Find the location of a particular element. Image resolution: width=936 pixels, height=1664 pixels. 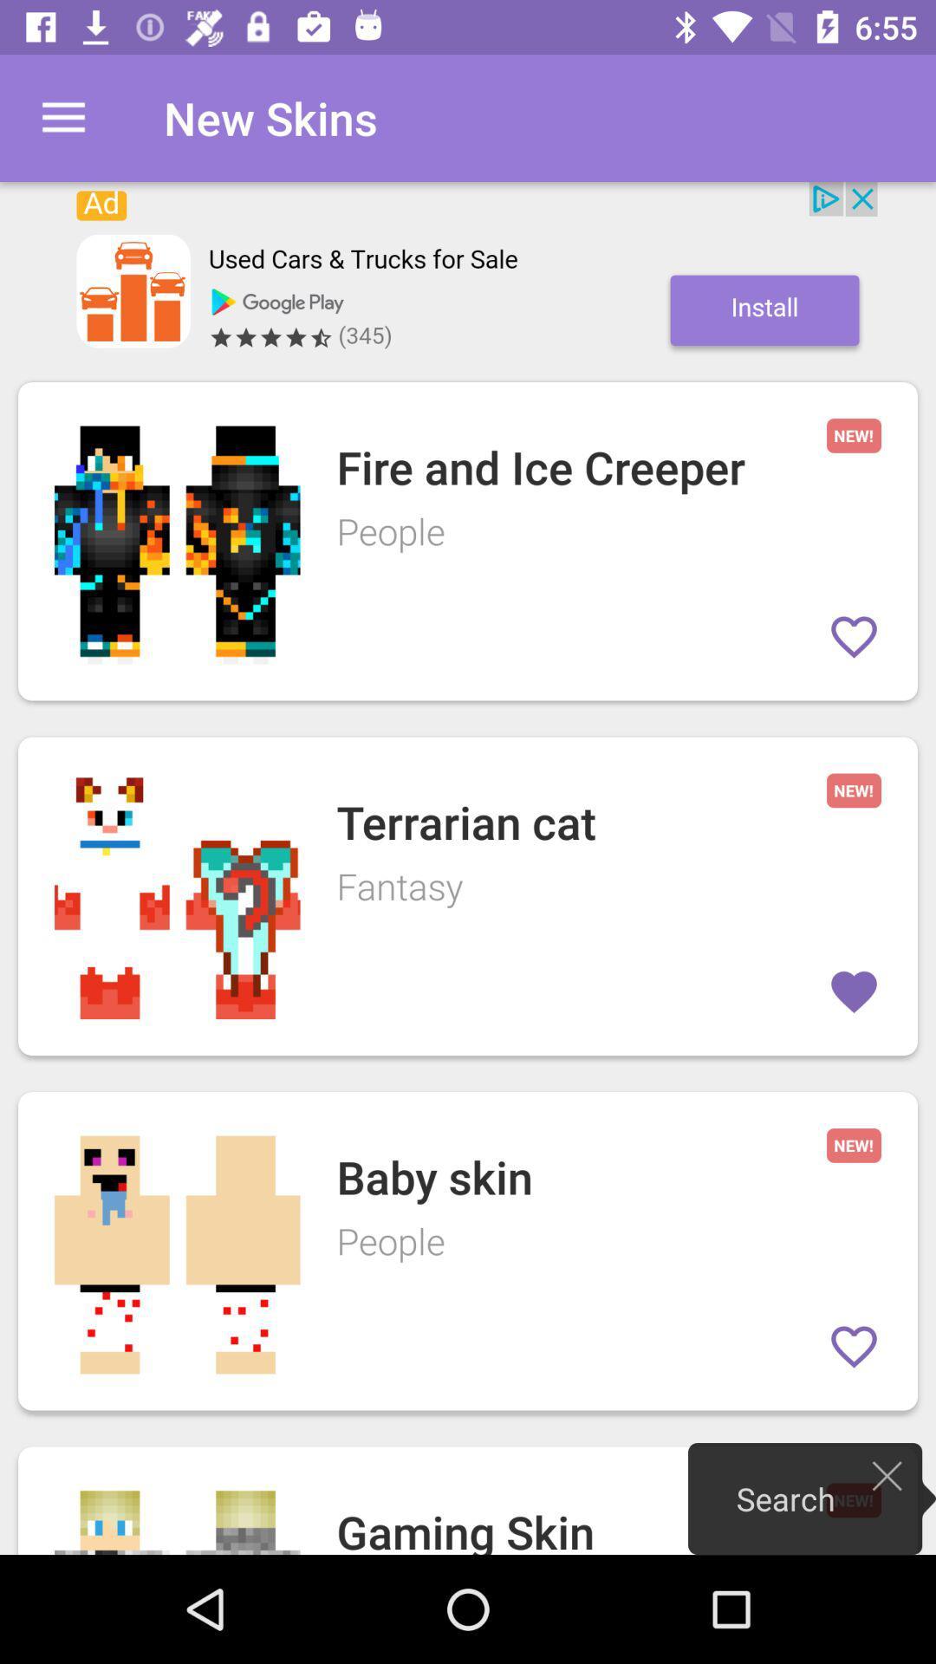

make favorite skin is located at coordinates (853, 1346).